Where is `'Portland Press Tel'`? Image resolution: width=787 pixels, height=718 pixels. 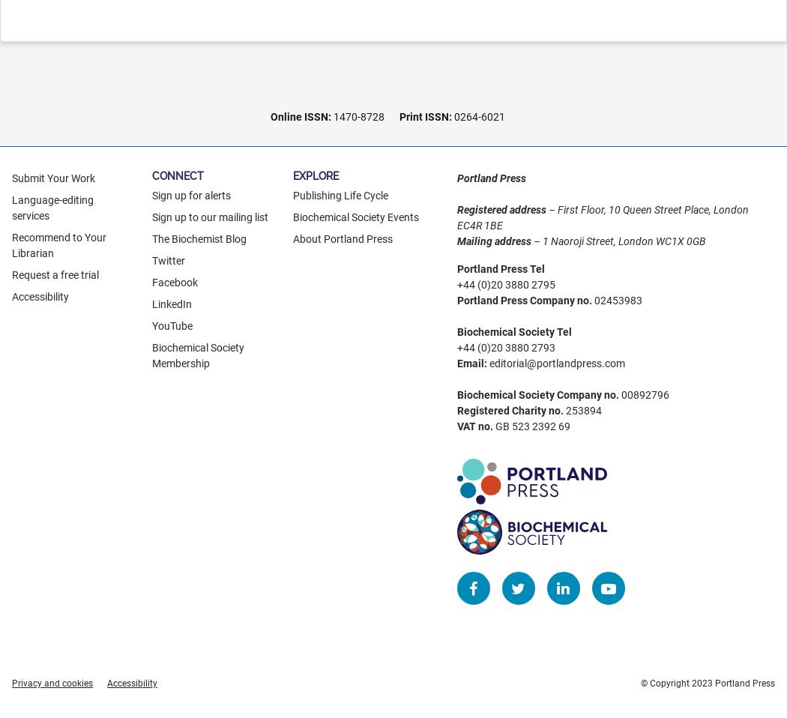 'Portland Press Tel' is located at coordinates (499, 268).